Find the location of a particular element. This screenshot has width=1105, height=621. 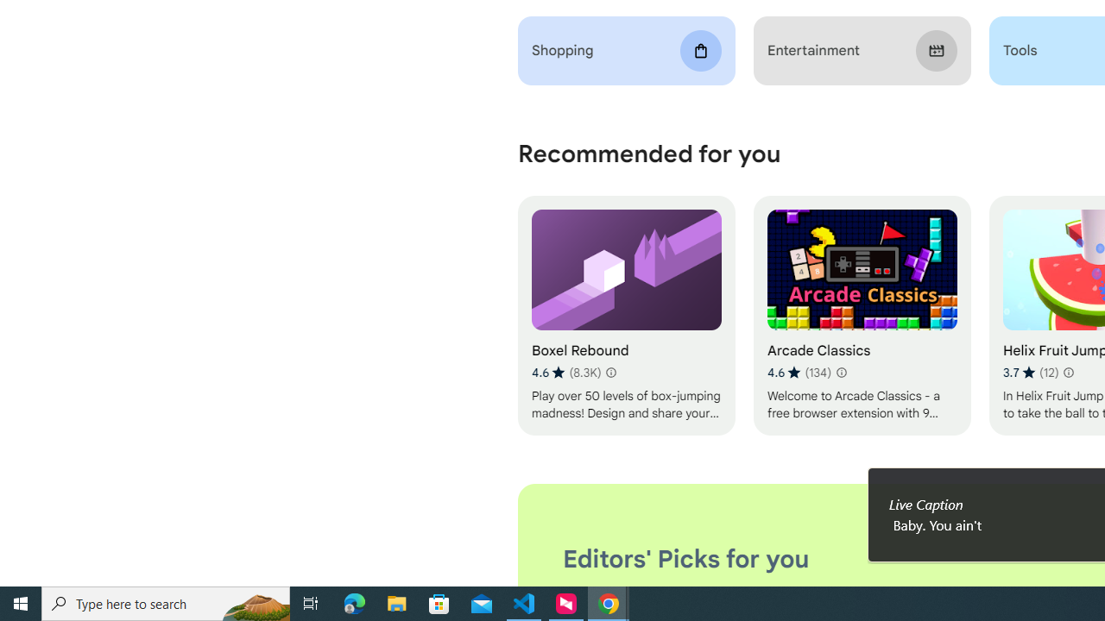

'Shopping' is located at coordinates (625, 50).